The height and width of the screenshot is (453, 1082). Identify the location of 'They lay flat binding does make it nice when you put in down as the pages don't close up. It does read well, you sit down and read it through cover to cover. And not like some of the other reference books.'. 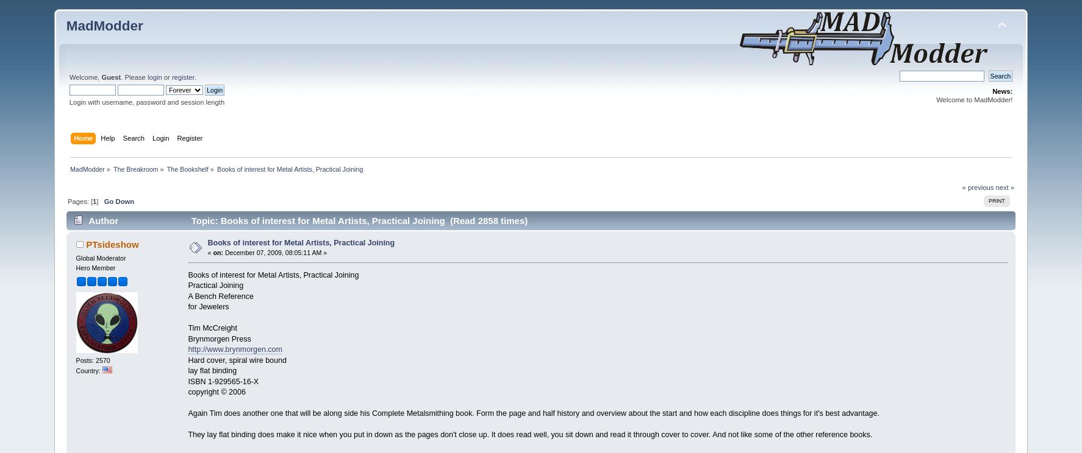
(530, 434).